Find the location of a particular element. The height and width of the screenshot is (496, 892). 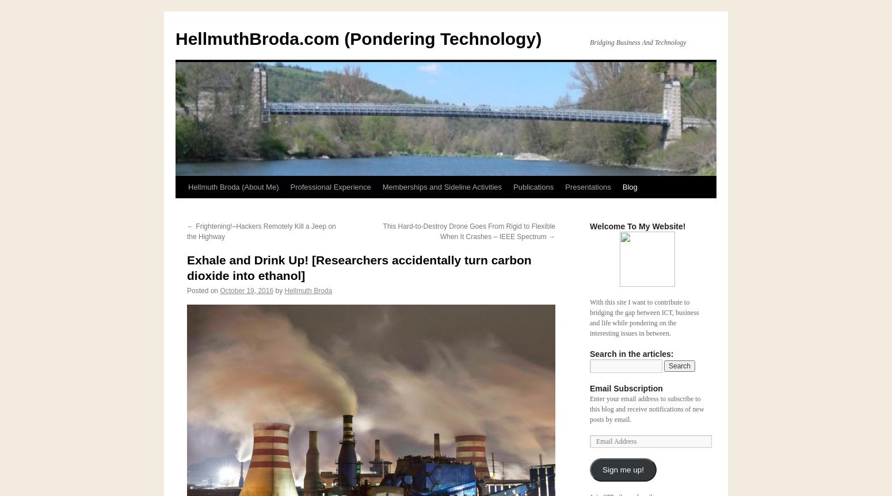

'by' is located at coordinates (278, 290).